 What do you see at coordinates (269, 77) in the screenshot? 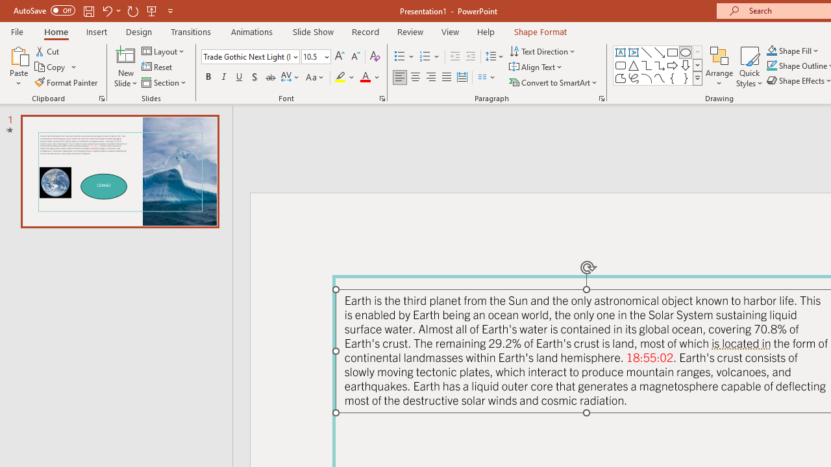
I see `'Strikethrough'` at bounding box center [269, 77].